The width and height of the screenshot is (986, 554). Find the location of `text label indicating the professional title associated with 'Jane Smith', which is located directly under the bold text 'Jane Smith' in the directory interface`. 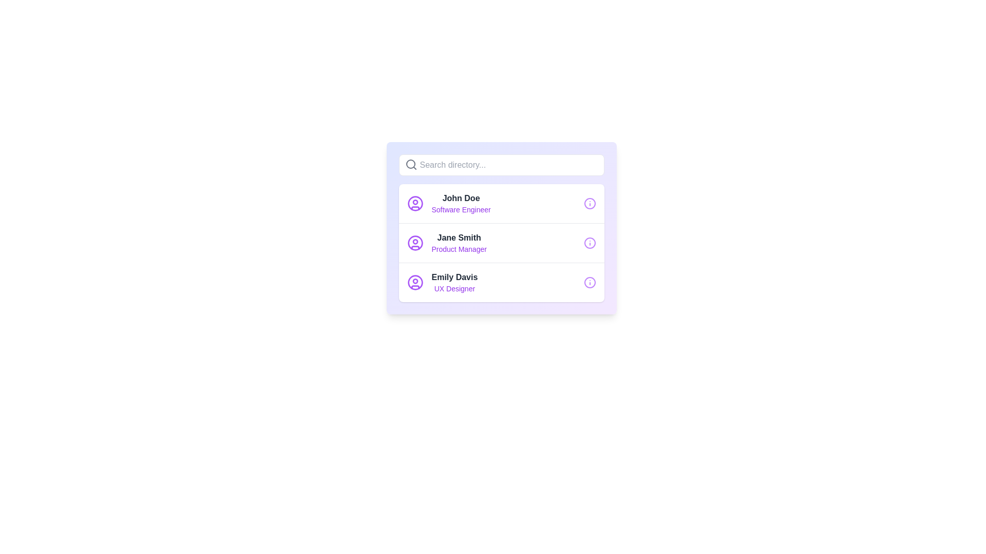

text label indicating the professional title associated with 'Jane Smith', which is located directly under the bold text 'Jane Smith' in the directory interface is located at coordinates (459, 249).